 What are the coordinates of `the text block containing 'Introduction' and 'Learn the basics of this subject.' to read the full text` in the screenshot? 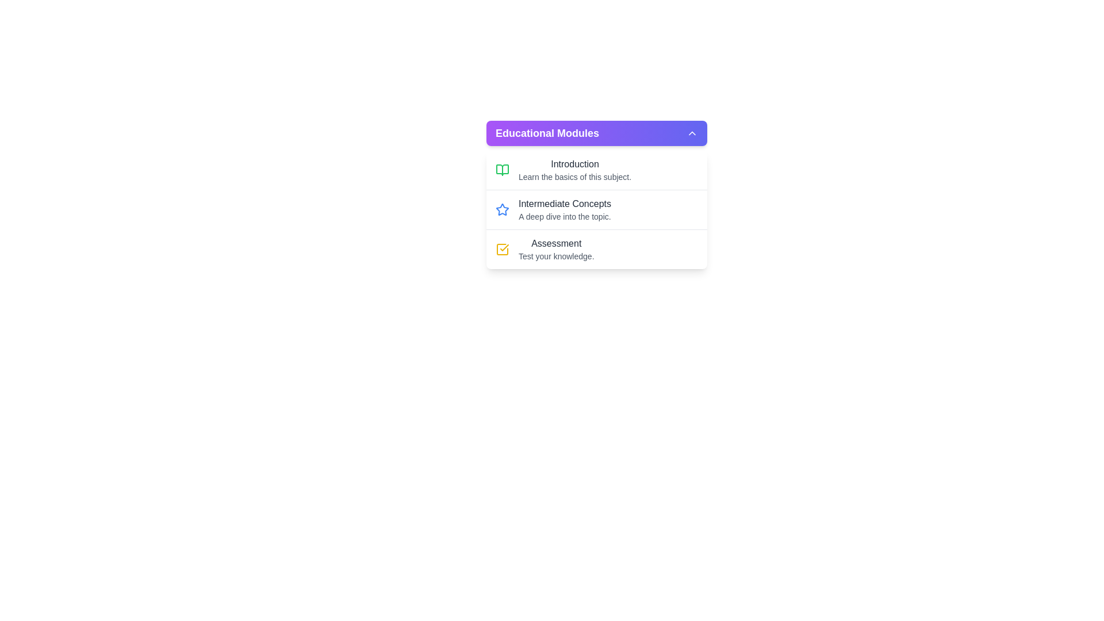 It's located at (575, 170).